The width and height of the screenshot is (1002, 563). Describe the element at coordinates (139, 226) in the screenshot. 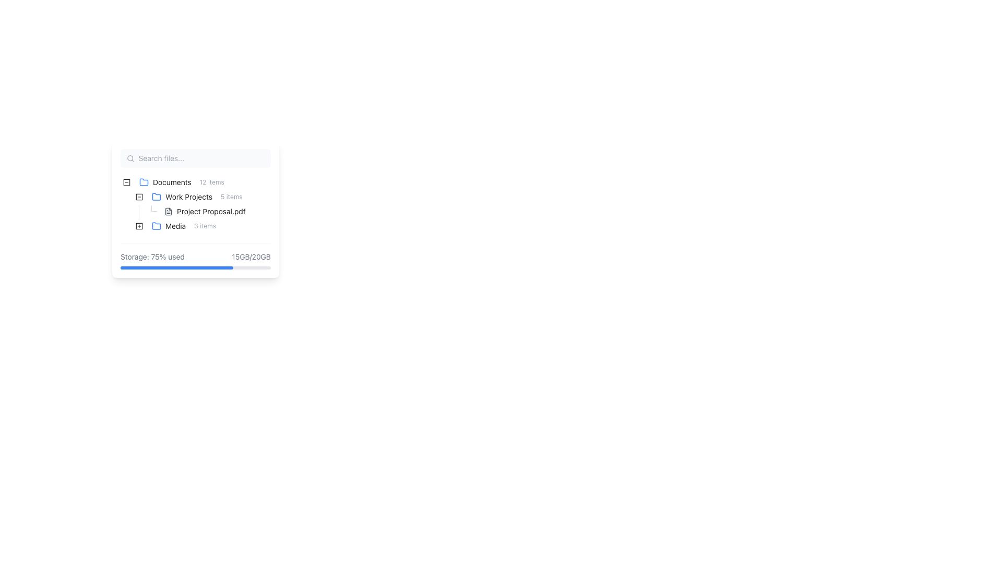

I see `the button that expands the 'Media' folder, located left of the 'Media 3 items' label in the hierarchical tree structure` at that location.